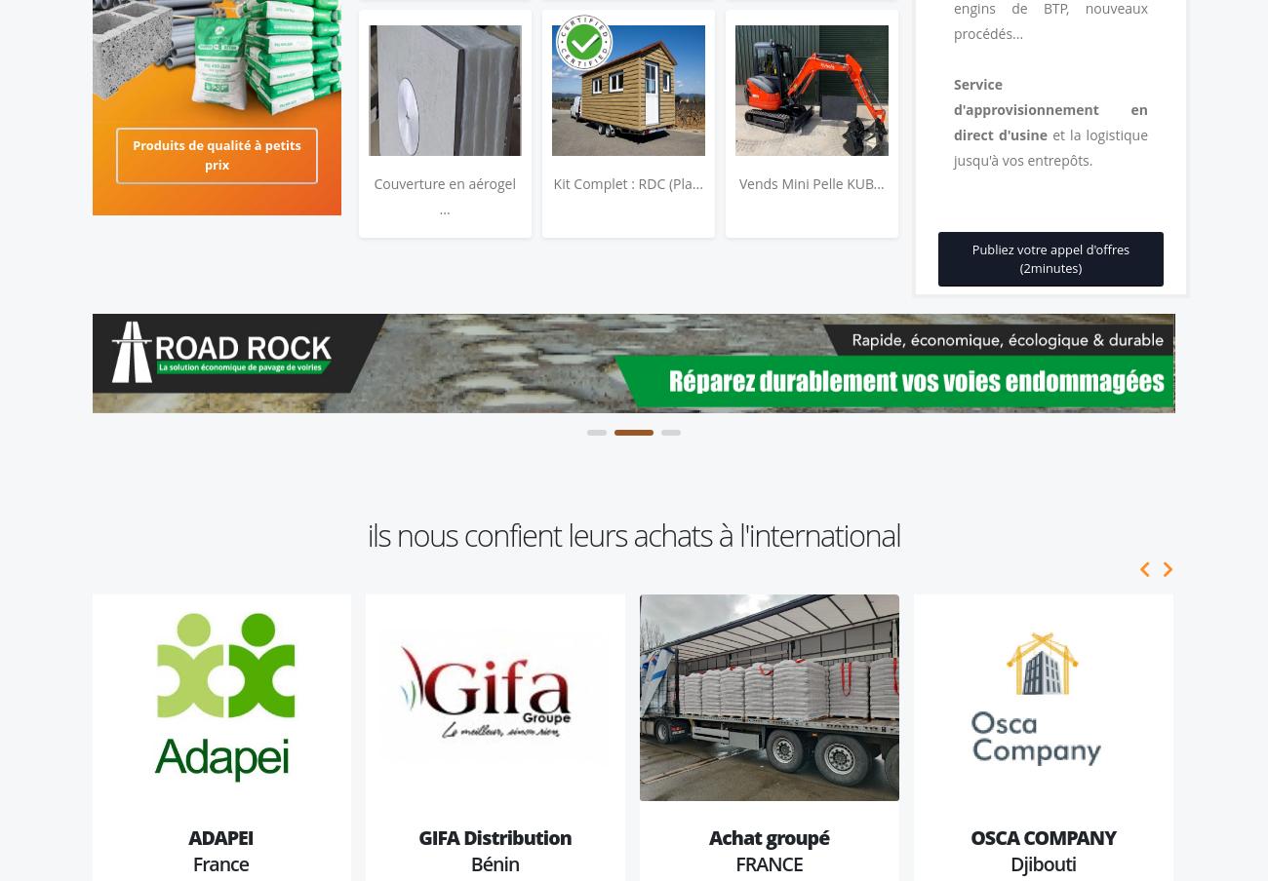  What do you see at coordinates (495, 863) in the screenshot?
I see `'Bénin'` at bounding box center [495, 863].